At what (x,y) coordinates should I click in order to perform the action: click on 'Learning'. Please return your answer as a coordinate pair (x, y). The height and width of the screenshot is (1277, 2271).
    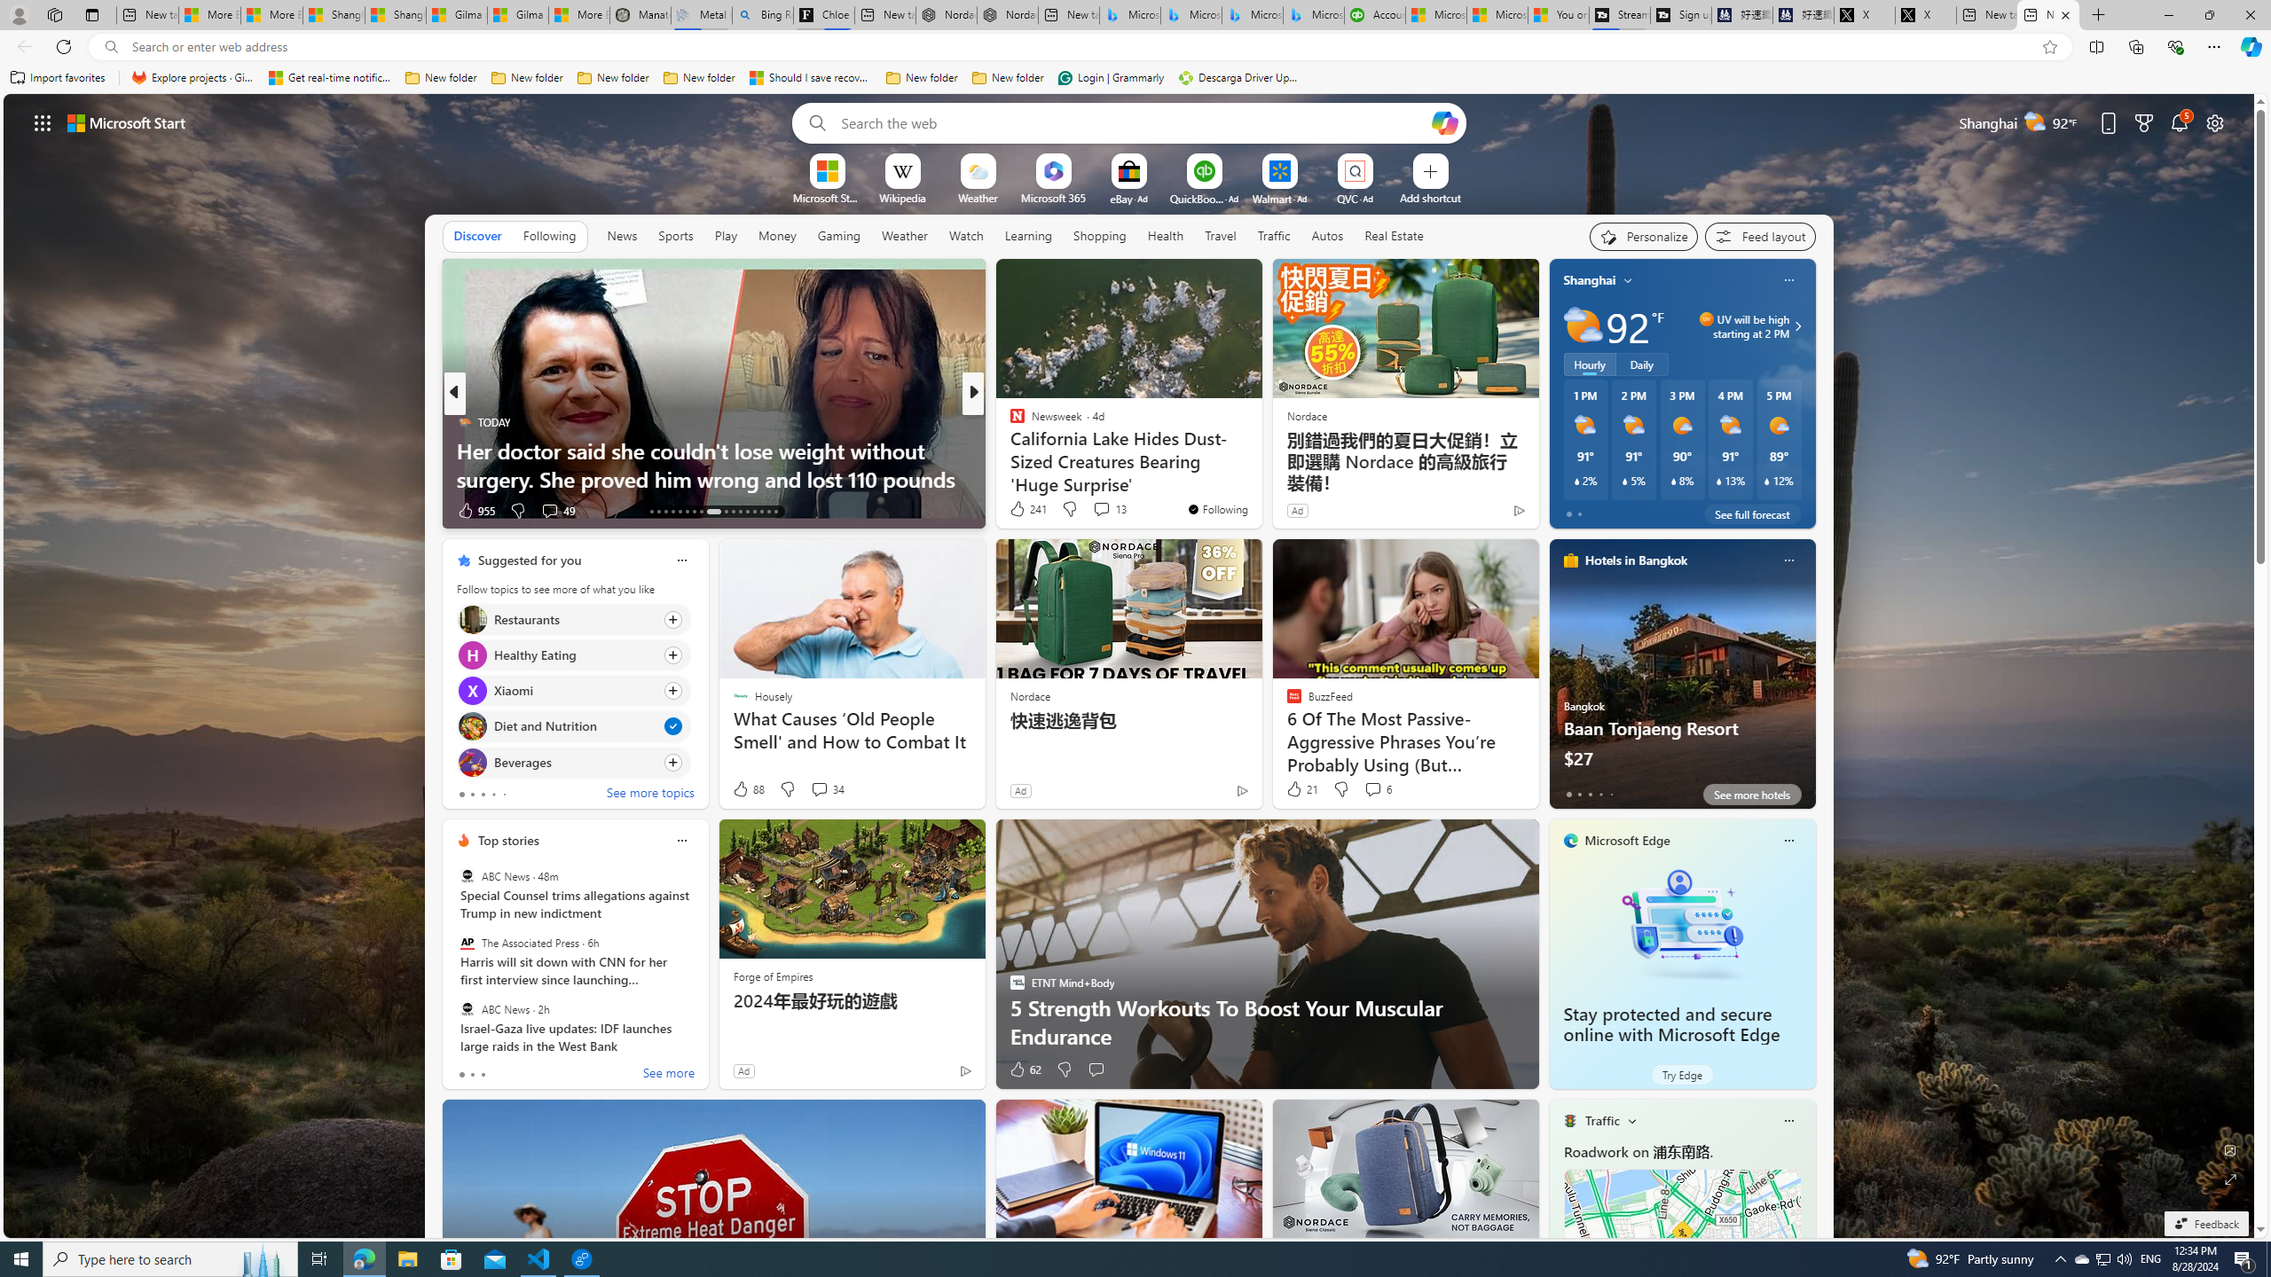
    Looking at the image, I should click on (1026, 234).